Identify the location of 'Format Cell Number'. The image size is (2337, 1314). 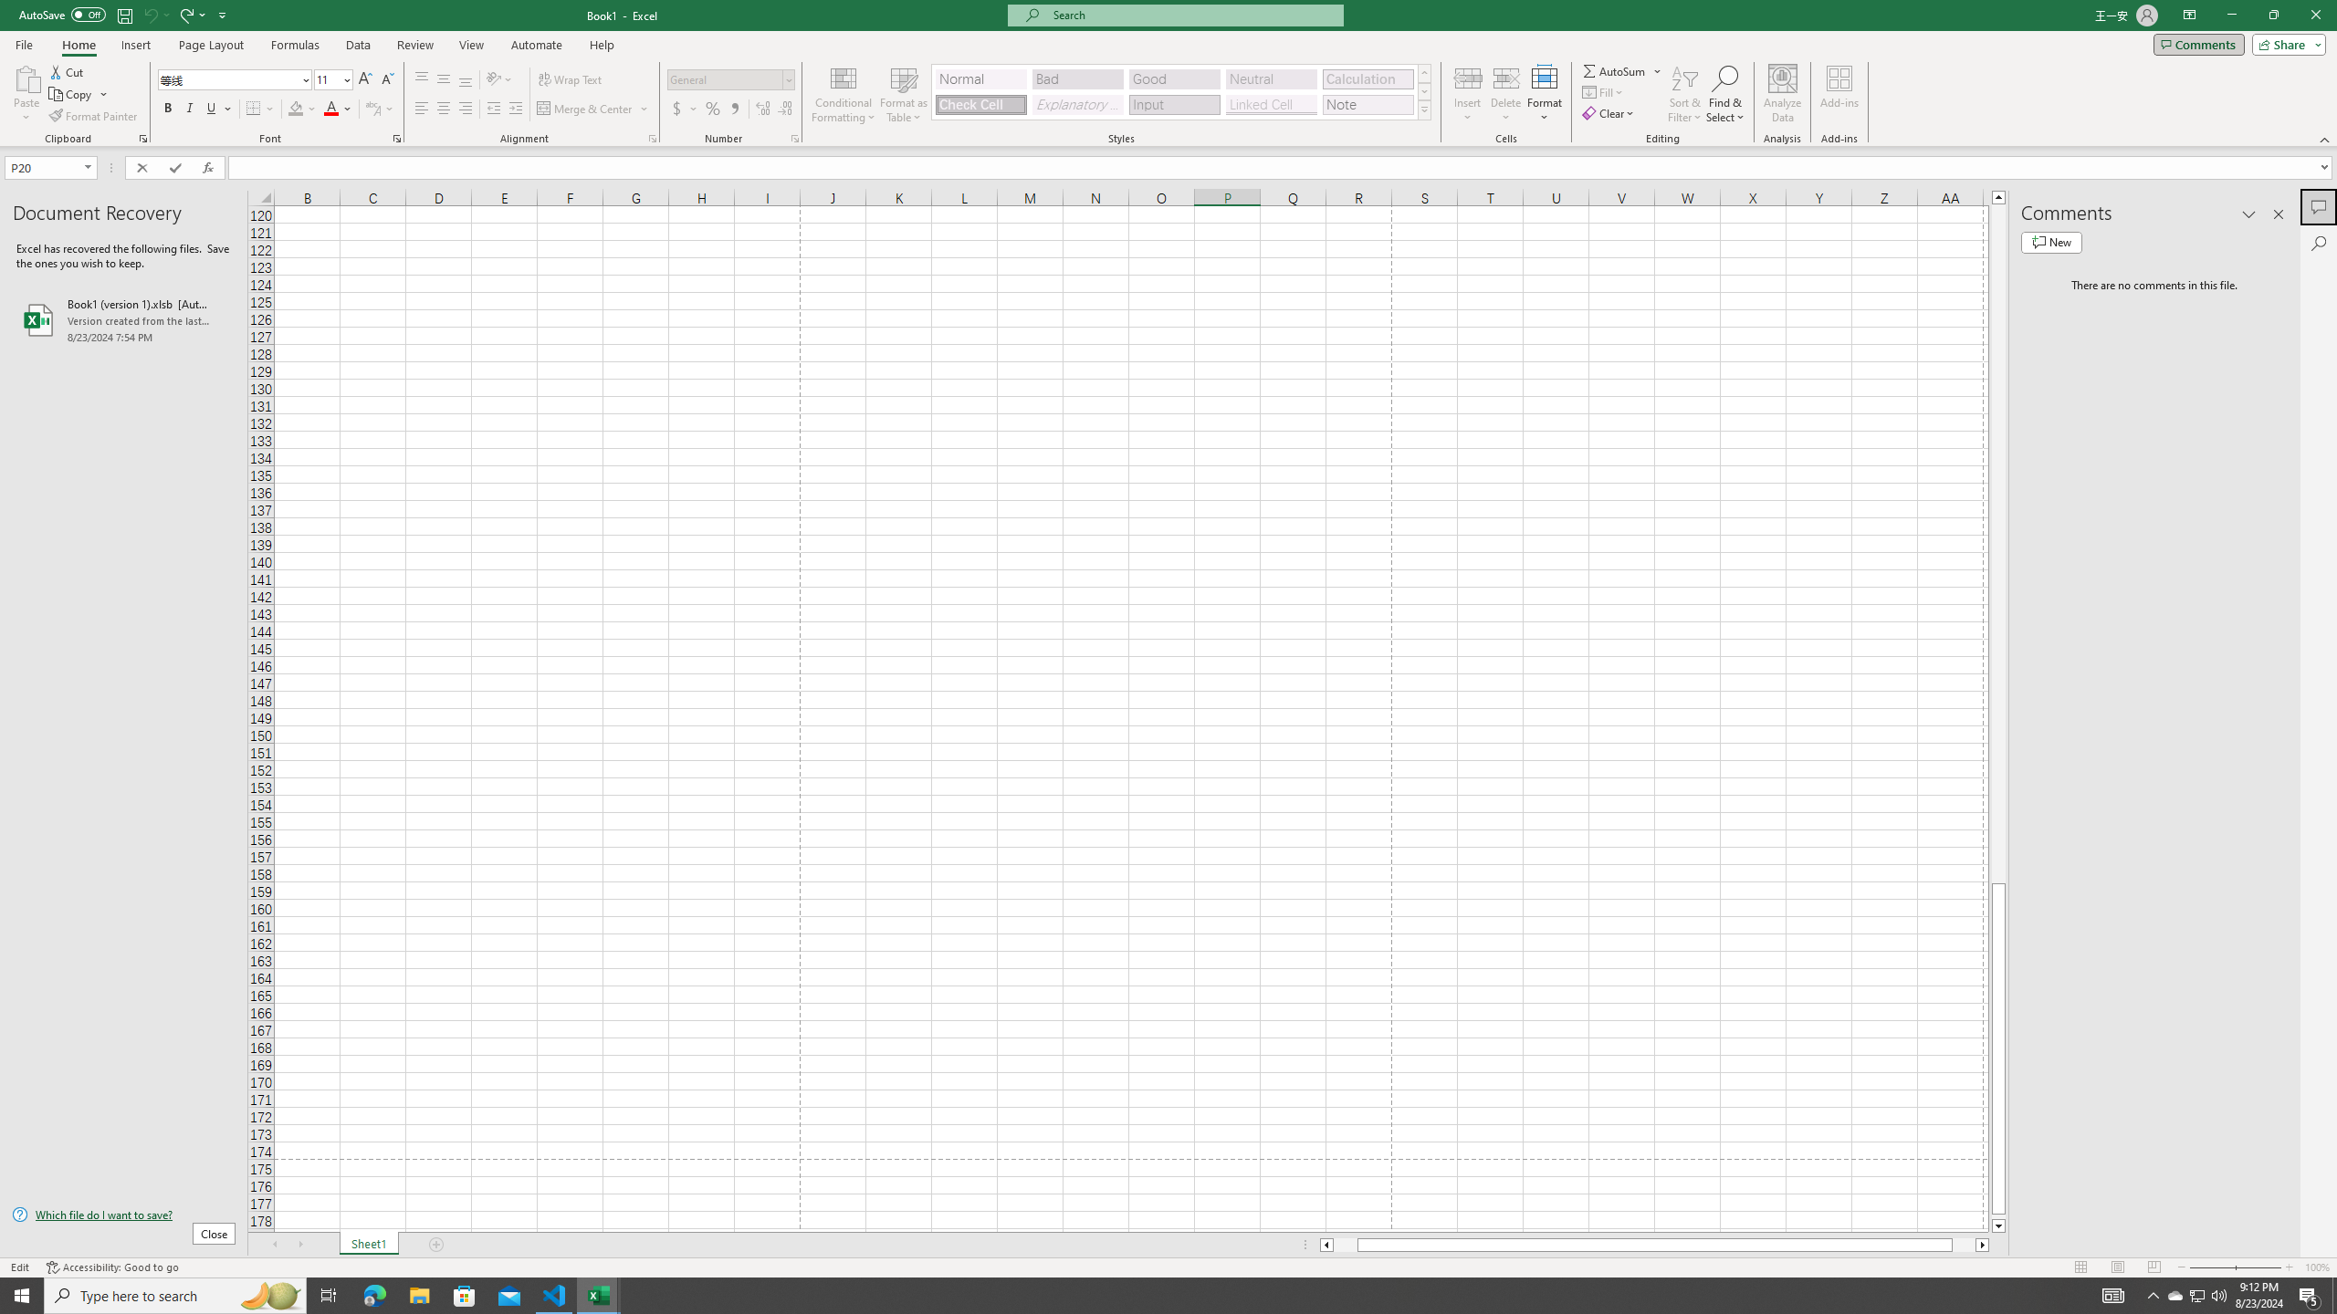
(793, 137).